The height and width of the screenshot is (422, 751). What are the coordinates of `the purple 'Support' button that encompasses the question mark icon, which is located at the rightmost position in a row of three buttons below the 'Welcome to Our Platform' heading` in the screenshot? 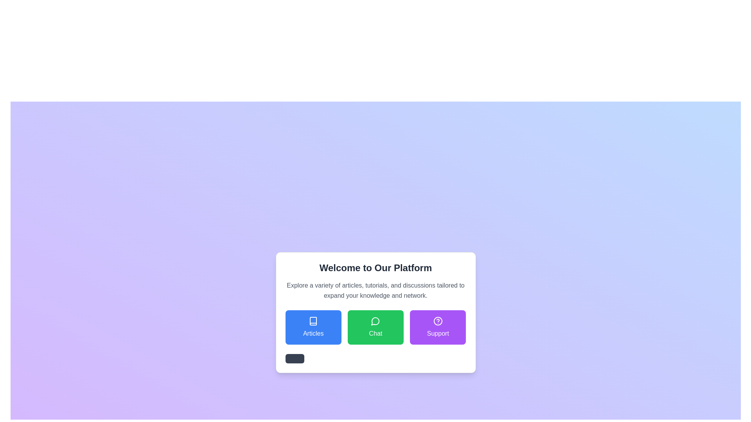 It's located at (437, 321).